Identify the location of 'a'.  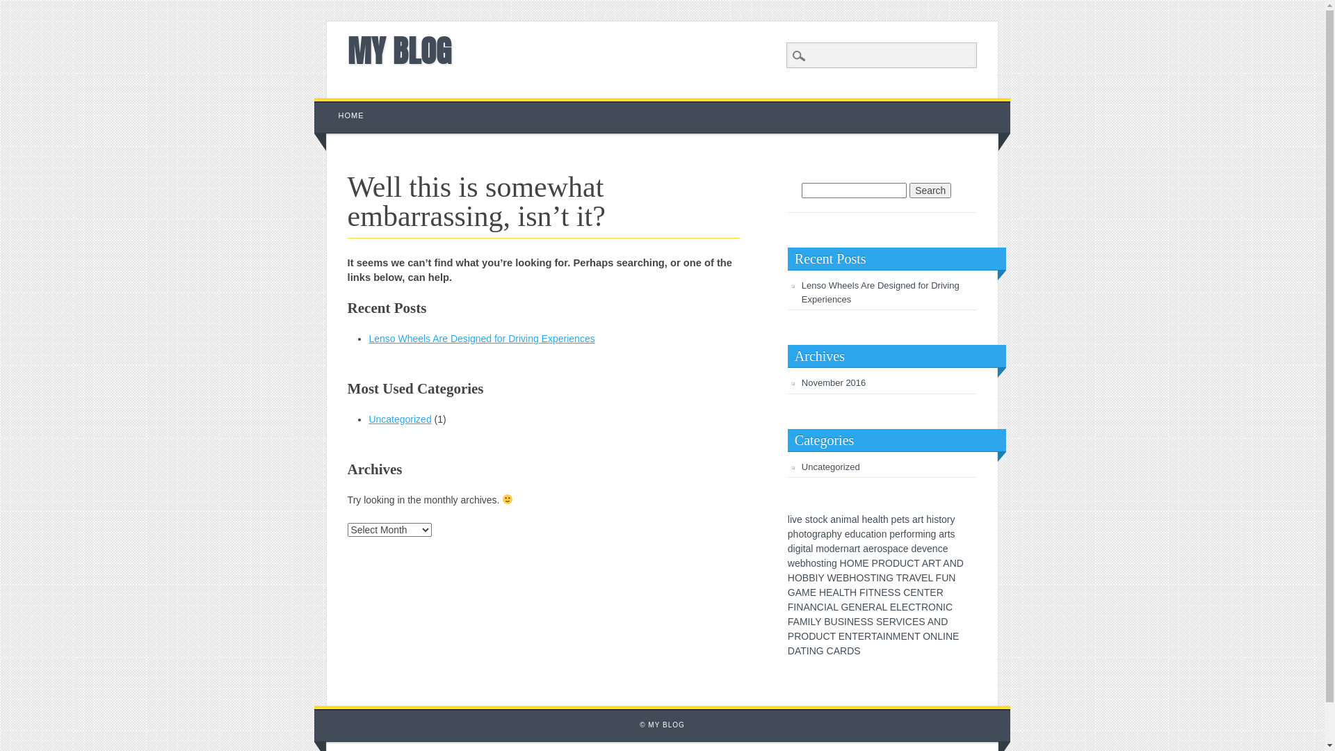
(914, 519).